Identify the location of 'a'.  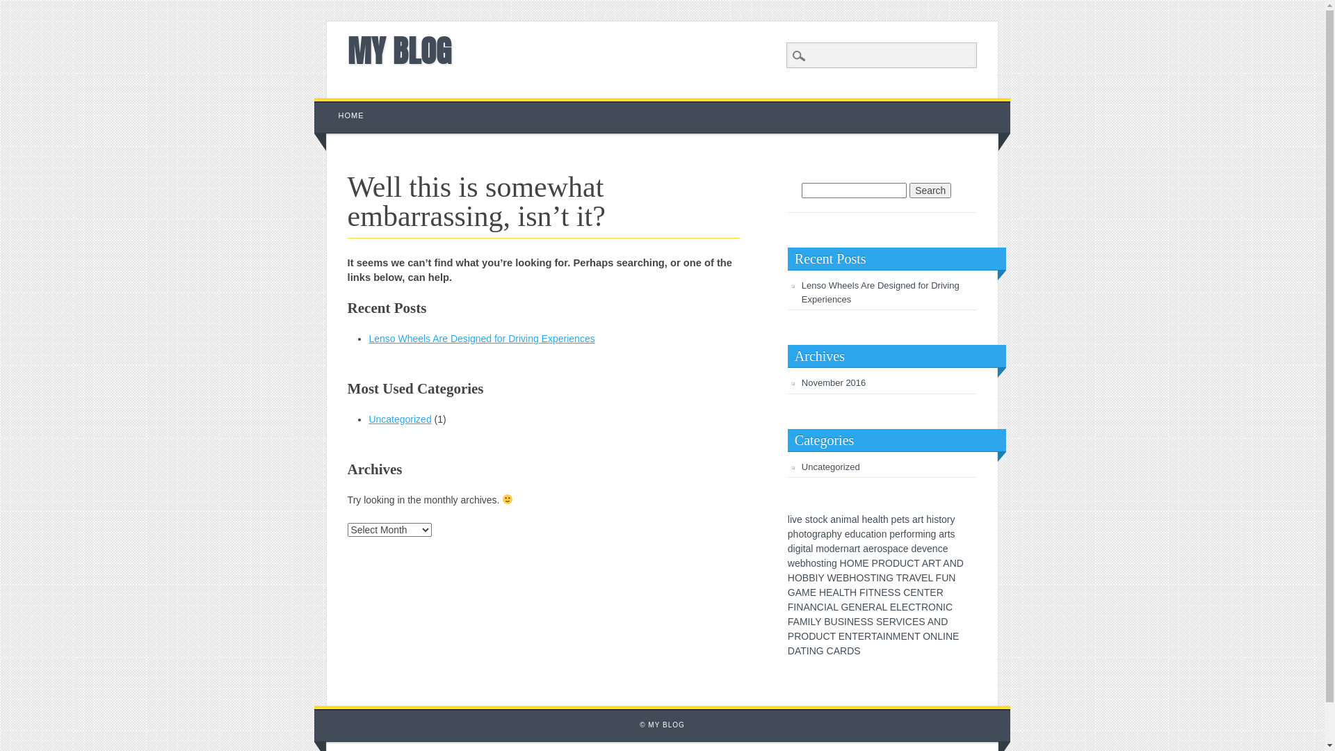
(914, 519).